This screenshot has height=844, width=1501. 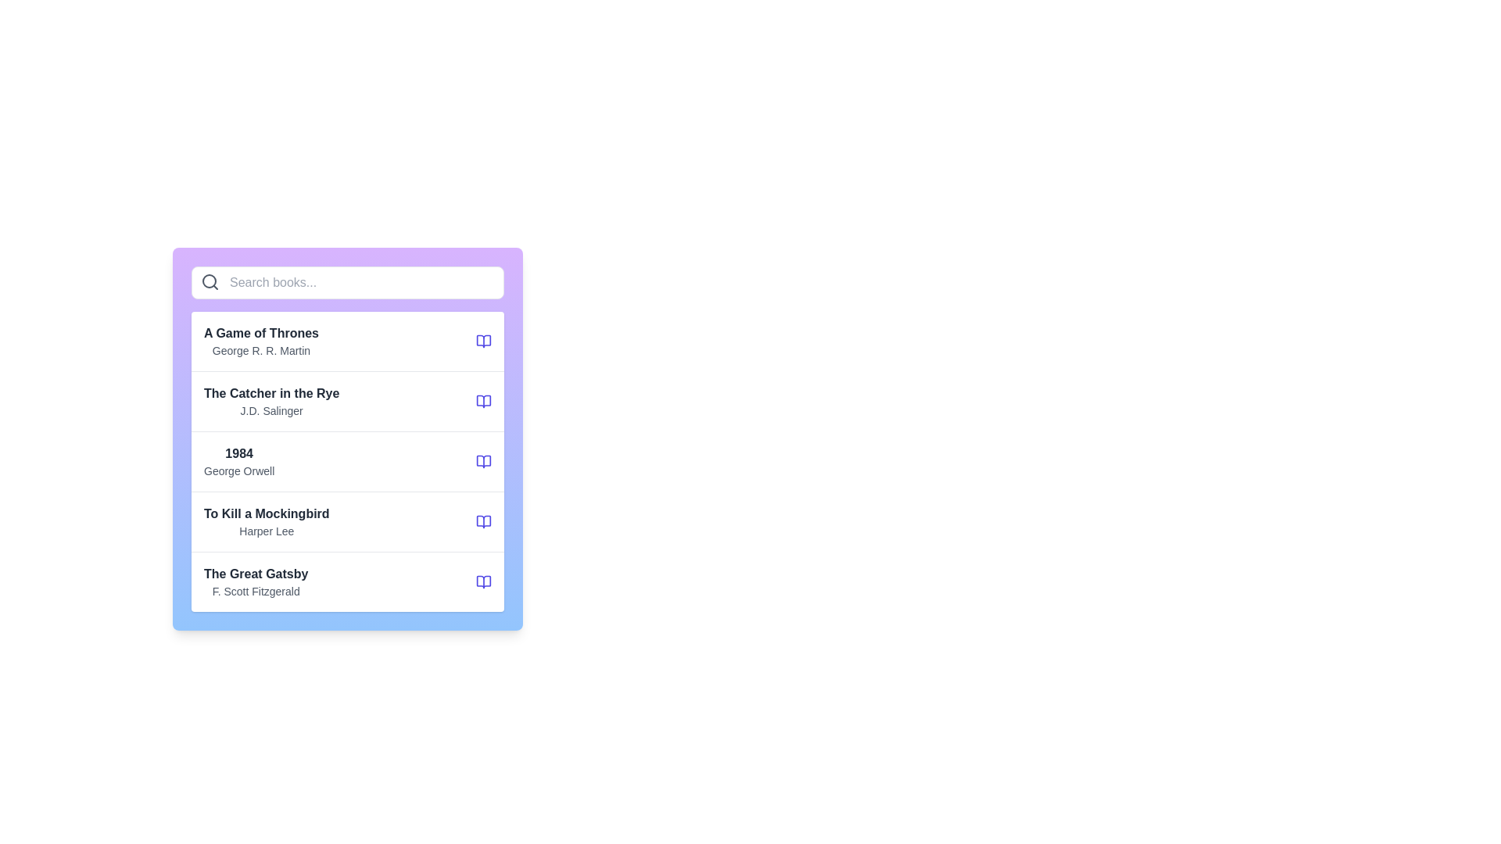 I want to click on the title text of the book entry in the fourth row of the list, which displays 'Harper Lee' below it, so click(x=267, y=514).